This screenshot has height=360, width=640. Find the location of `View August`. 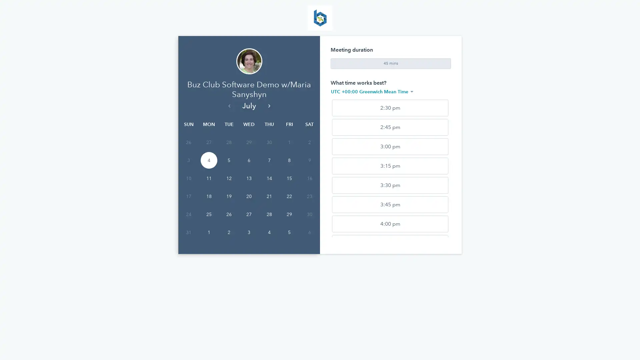

View August is located at coordinates (269, 105).